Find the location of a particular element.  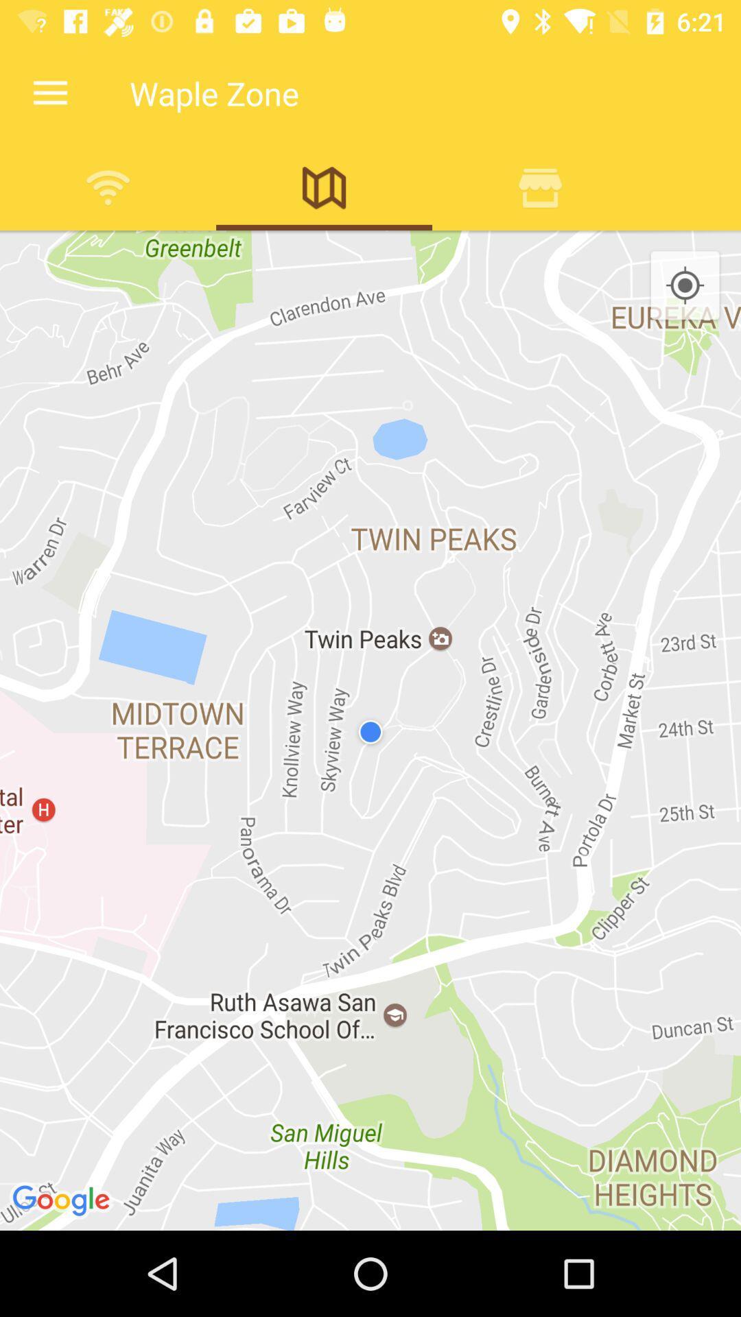

change view mode is located at coordinates (324, 187).